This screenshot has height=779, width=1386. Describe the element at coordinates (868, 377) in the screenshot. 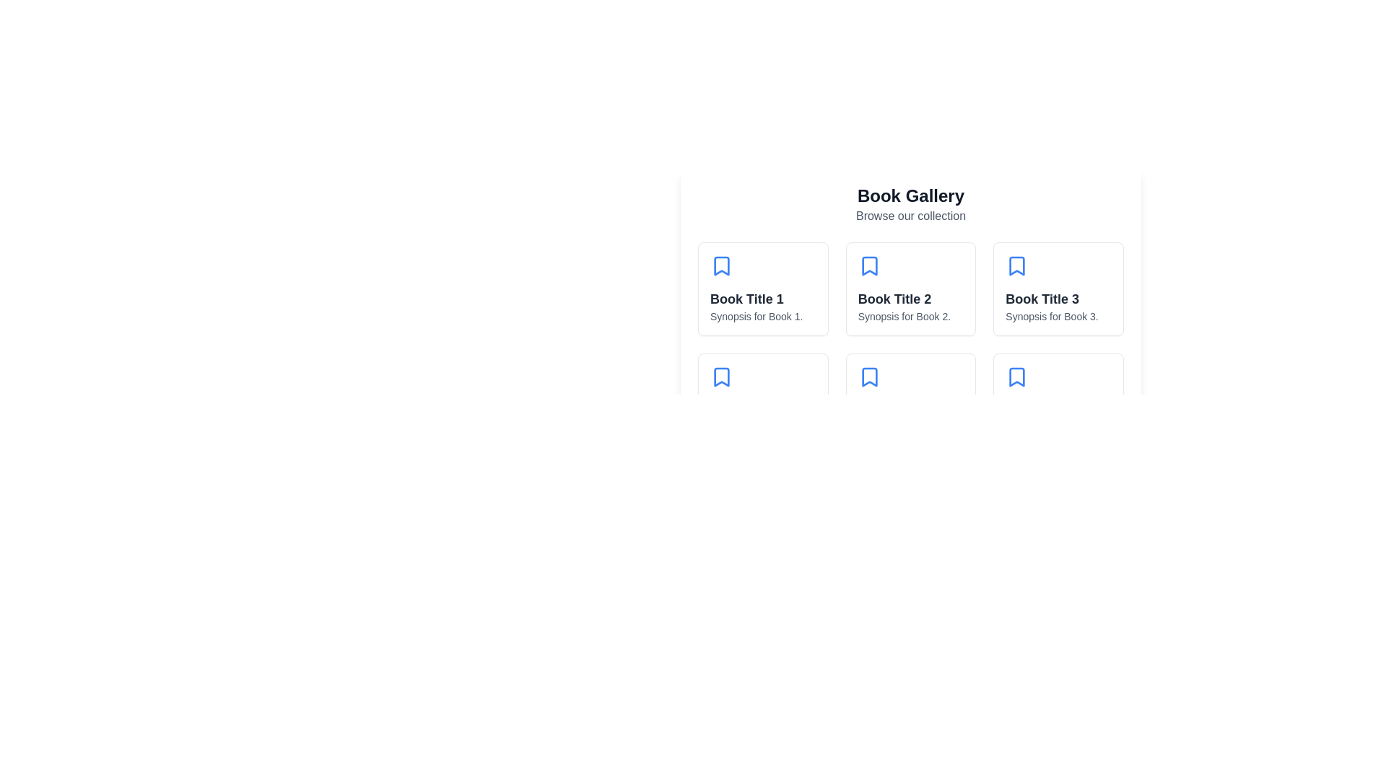

I see `the bookmark icon, which is an SVG graphical element located in the fourth cell of a grid layout, second row and first column, and signifies a bookmarking or saving action` at that location.